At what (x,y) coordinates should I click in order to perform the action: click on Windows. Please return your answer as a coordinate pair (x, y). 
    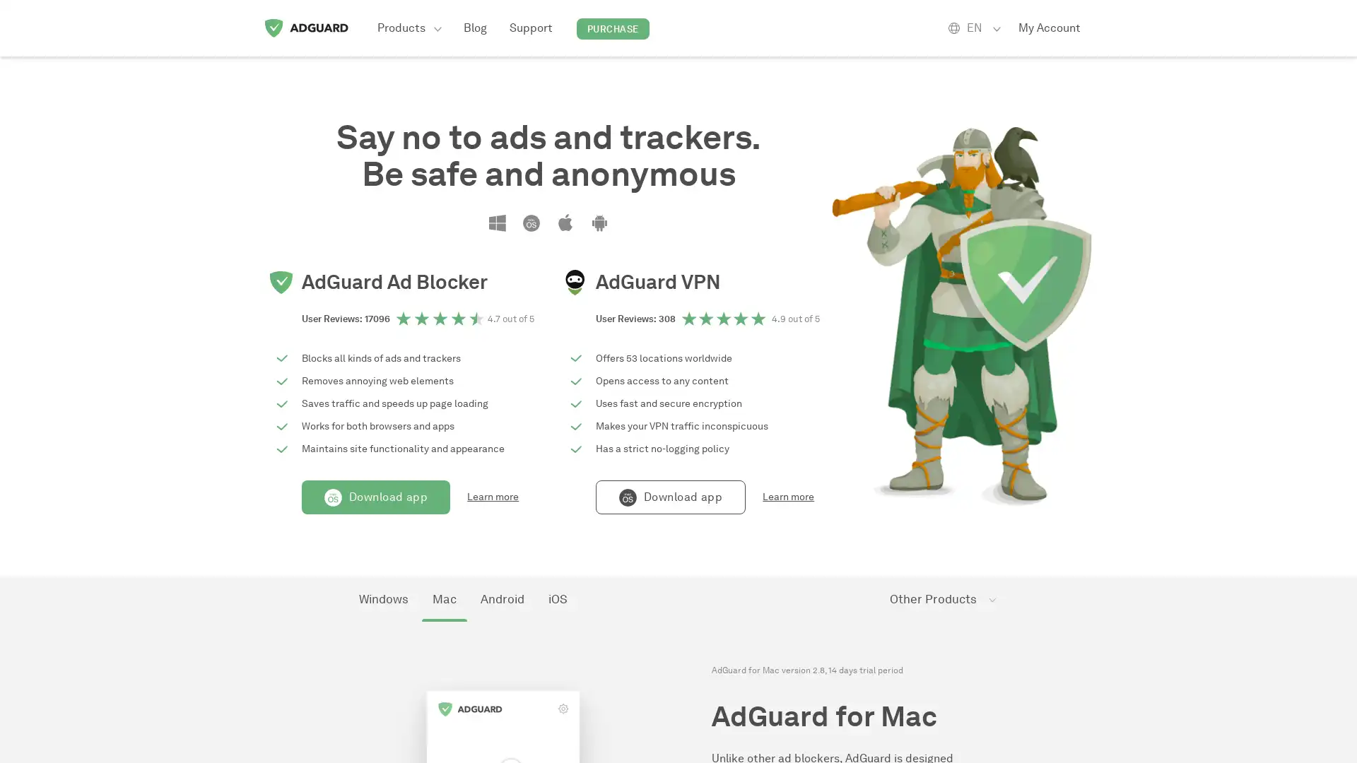
    Looking at the image, I should click on (383, 599).